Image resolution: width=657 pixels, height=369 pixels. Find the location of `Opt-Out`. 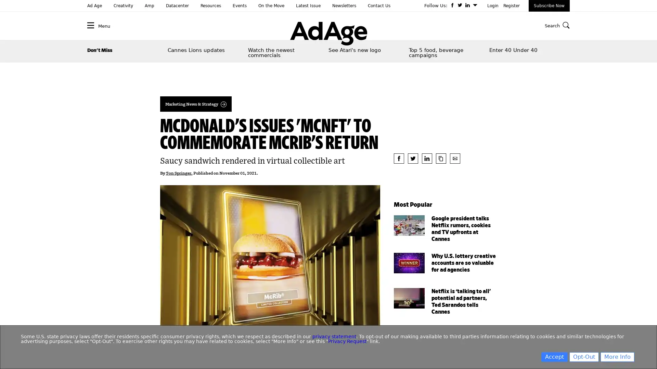

Opt-Out is located at coordinates (584, 357).